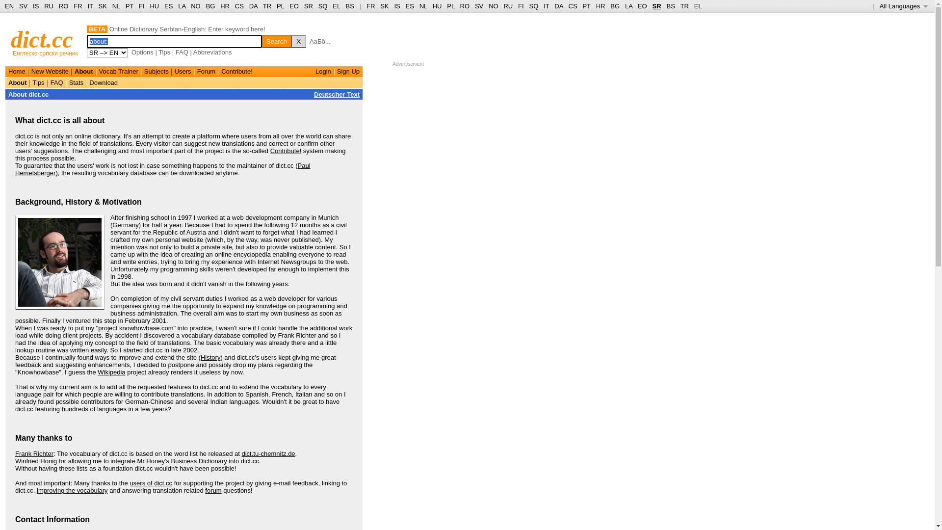  Describe the element at coordinates (200, 357) in the screenshot. I see `'History'` at that location.